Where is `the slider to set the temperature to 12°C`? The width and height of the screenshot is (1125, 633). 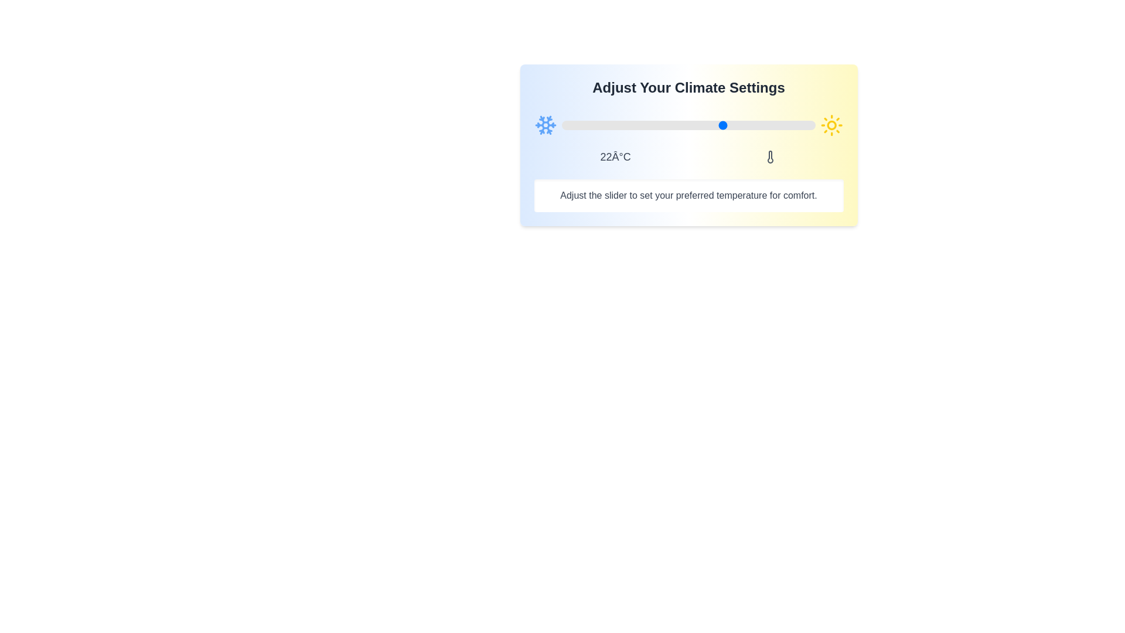 the slider to set the temperature to 12°C is located at coordinates (673, 125).